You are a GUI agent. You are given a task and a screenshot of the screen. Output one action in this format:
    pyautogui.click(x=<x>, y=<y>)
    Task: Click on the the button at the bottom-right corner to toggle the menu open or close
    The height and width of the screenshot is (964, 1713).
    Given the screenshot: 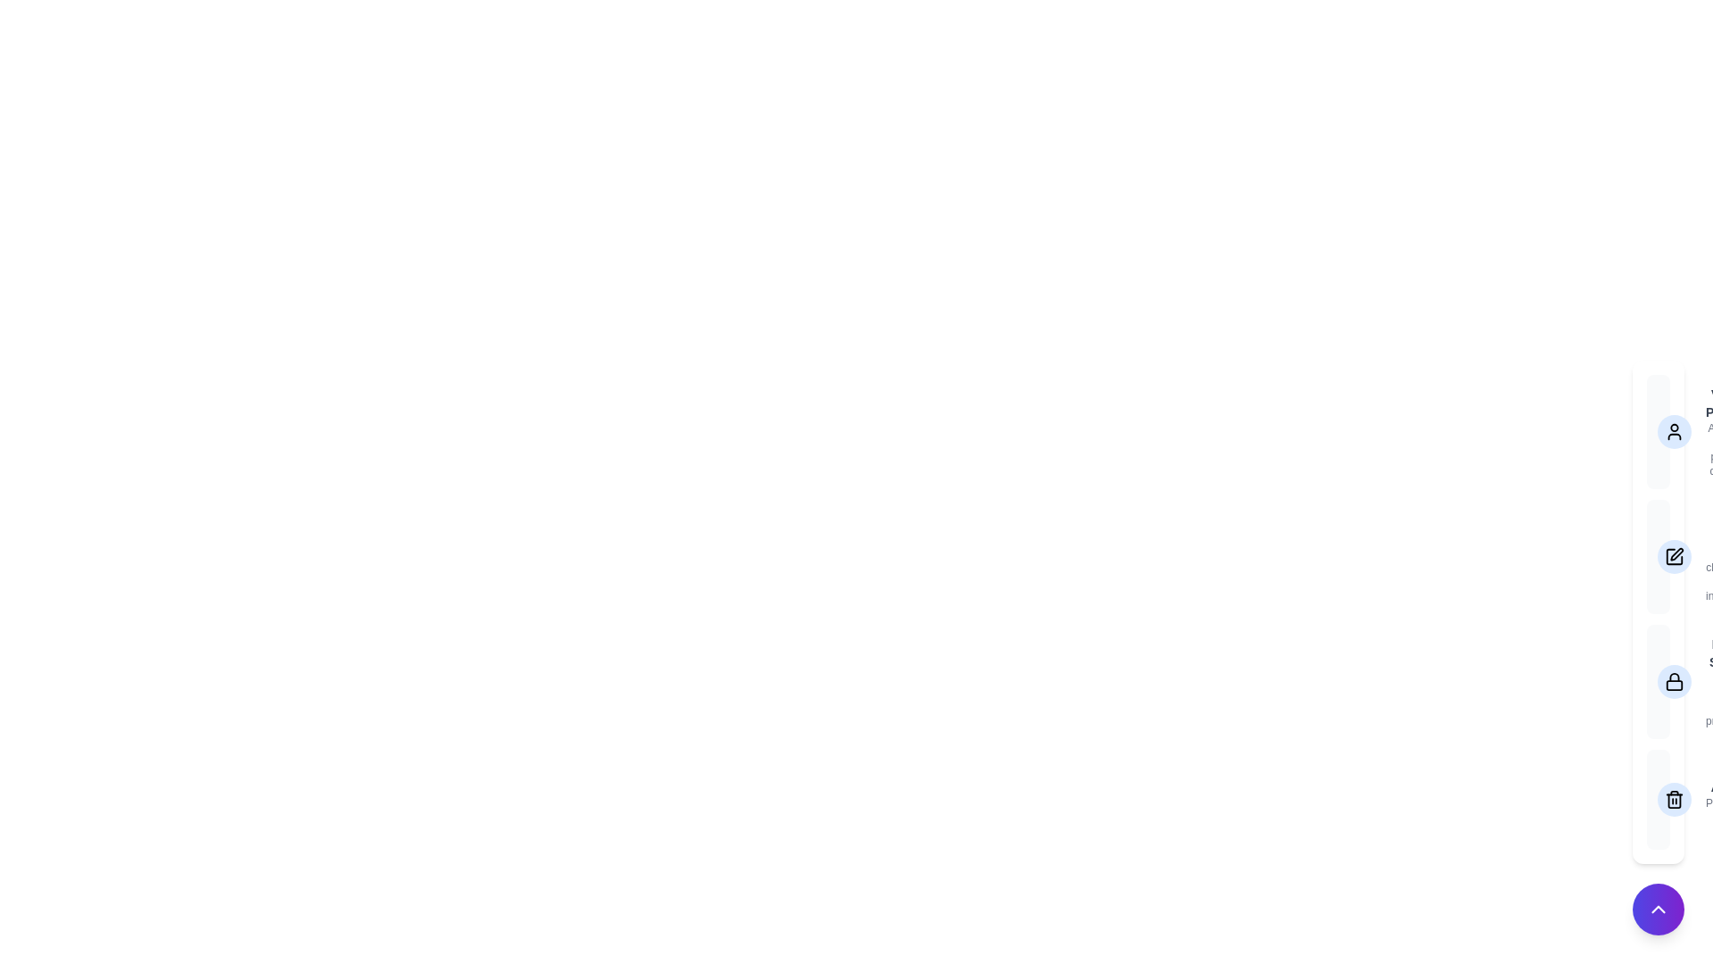 What is the action you would take?
    pyautogui.click(x=1657, y=909)
    